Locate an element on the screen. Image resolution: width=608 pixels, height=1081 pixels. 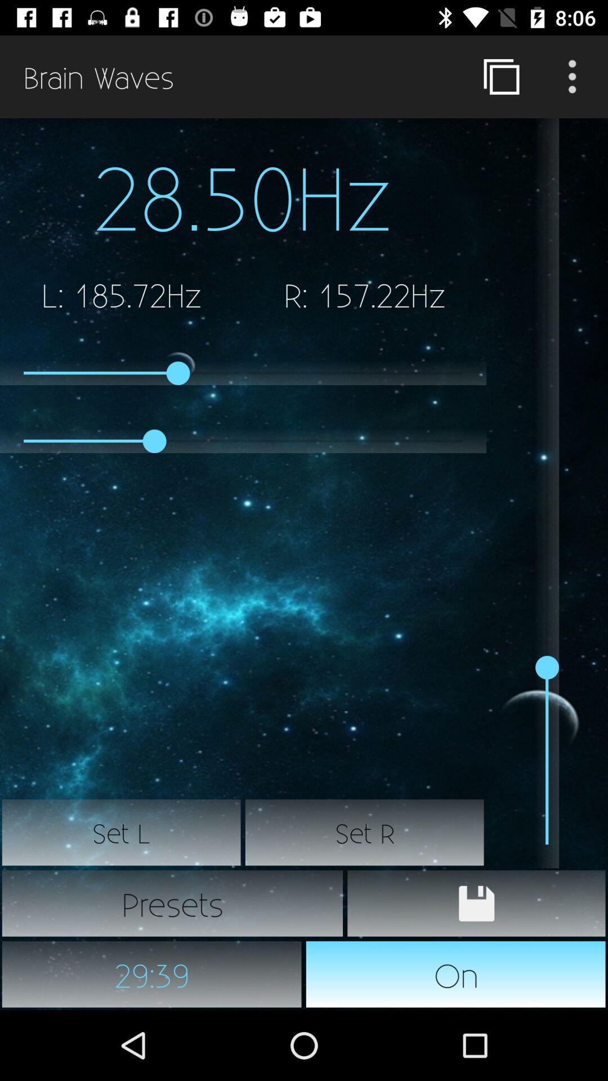
button is located at coordinates (476, 903).